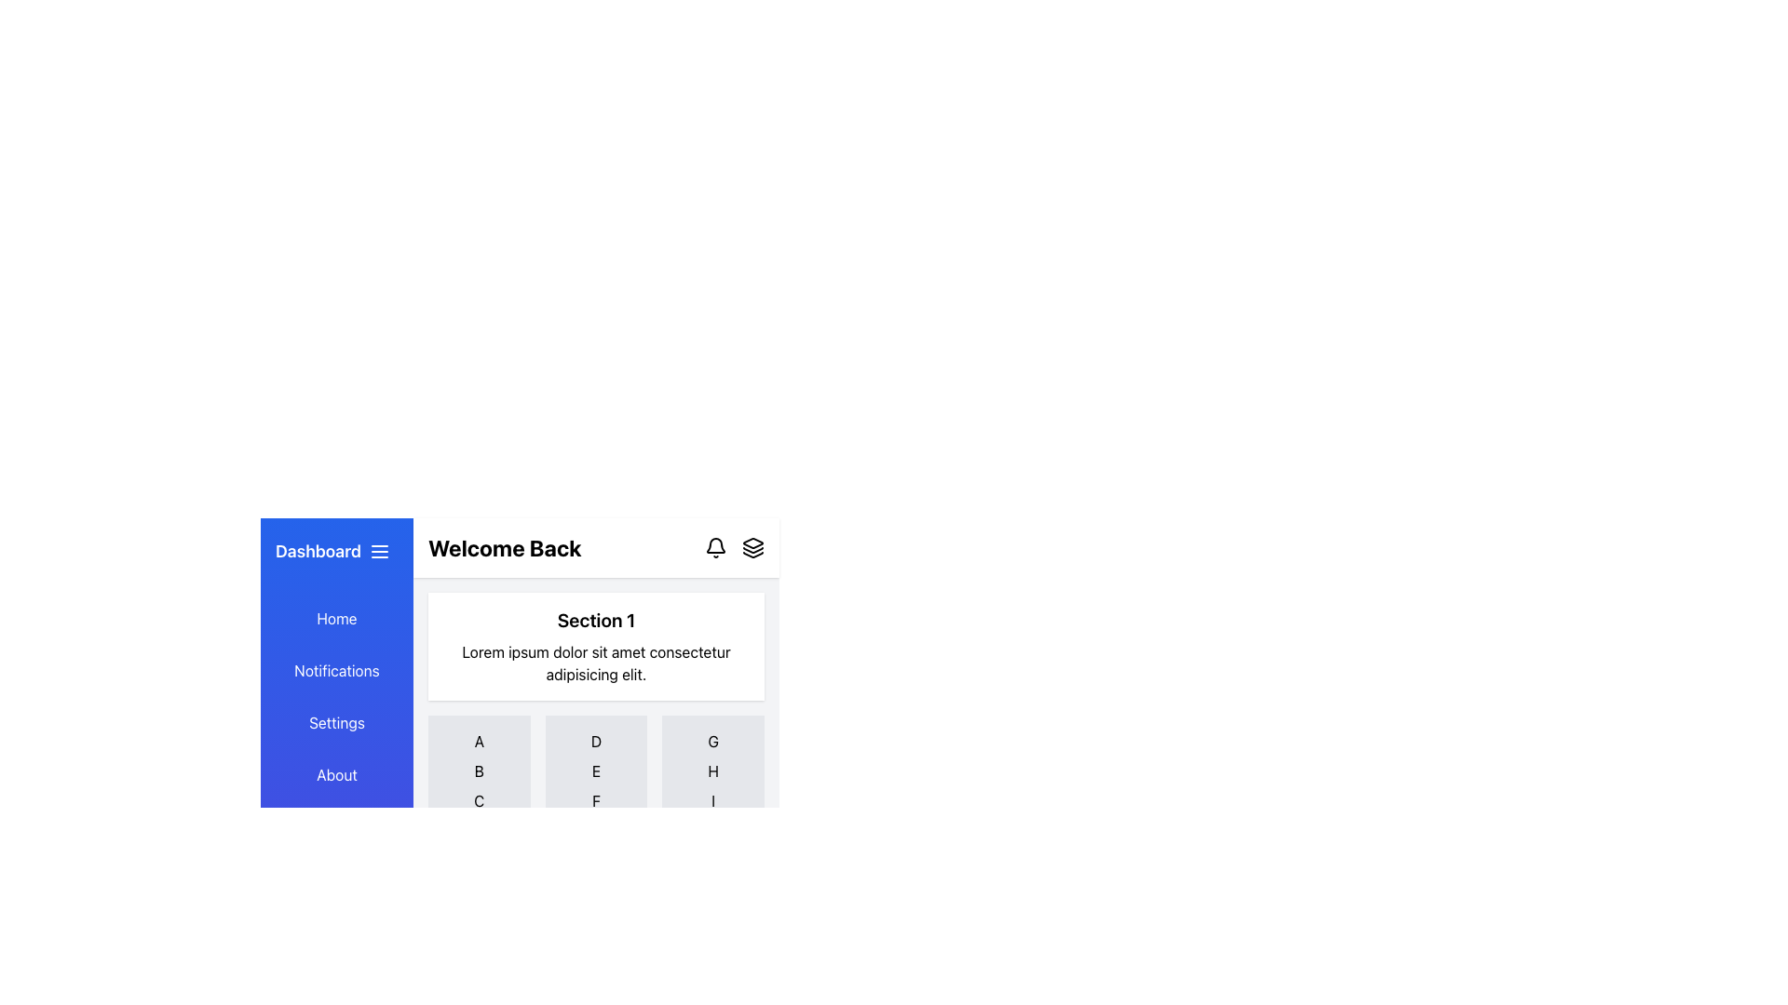  I want to click on the 'Notifications' label, which is displayed in white sans-serif font on a blue section of the vertical navigation bar, located third below 'Home', so click(336, 671).